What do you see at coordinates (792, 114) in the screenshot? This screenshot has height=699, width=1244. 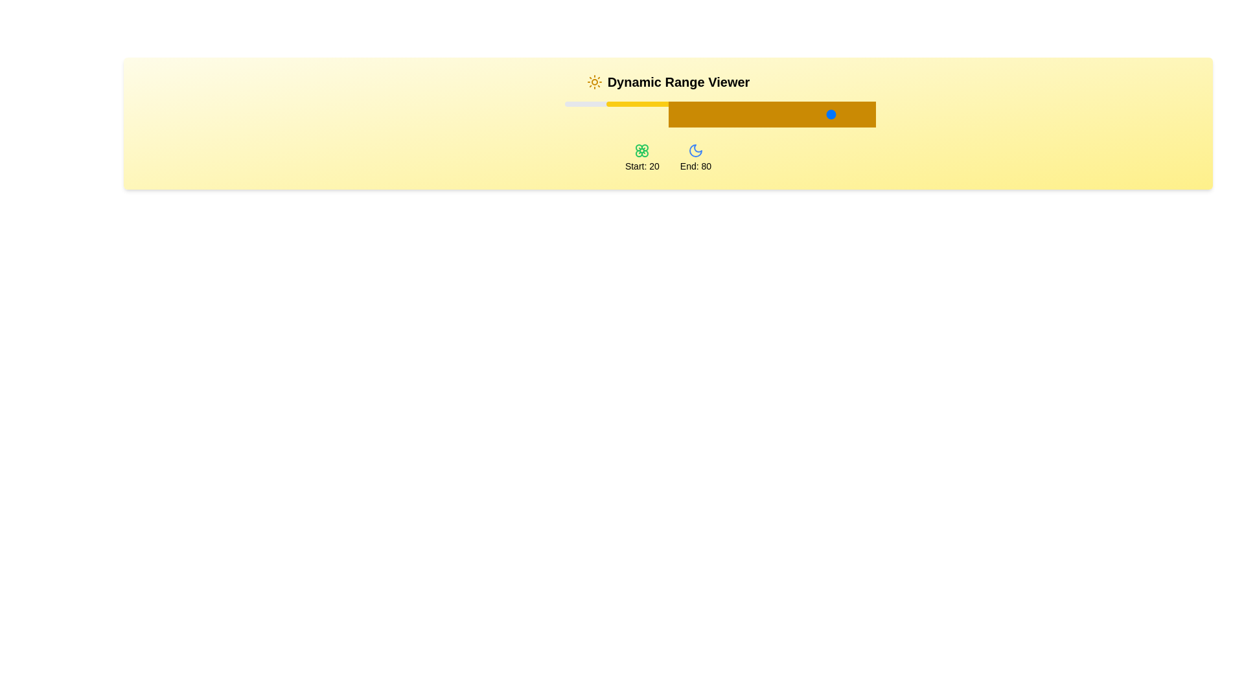 I see `the slider value` at bounding box center [792, 114].